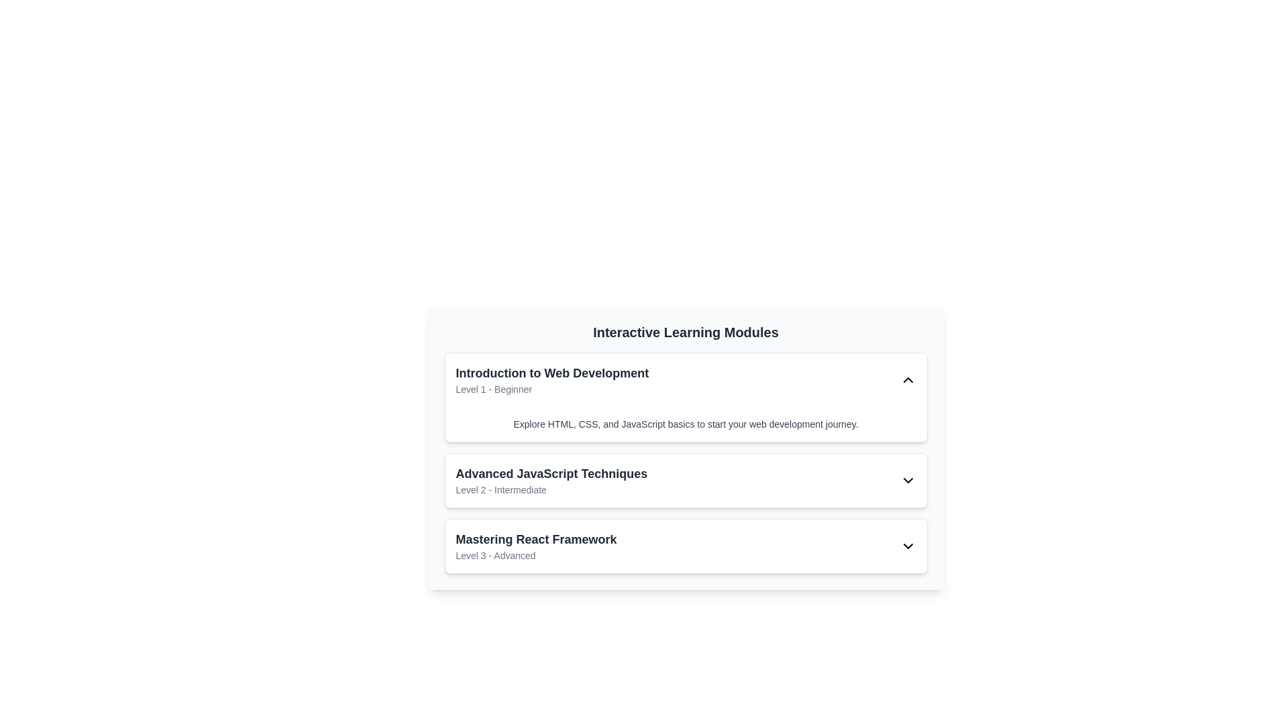 This screenshot has width=1288, height=724. What do you see at coordinates (535, 546) in the screenshot?
I see `the text block displaying 'Mastering React Framework' which is located in the lower section of the third card in a list of interactive learning modules` at bounding box center [535, 546].